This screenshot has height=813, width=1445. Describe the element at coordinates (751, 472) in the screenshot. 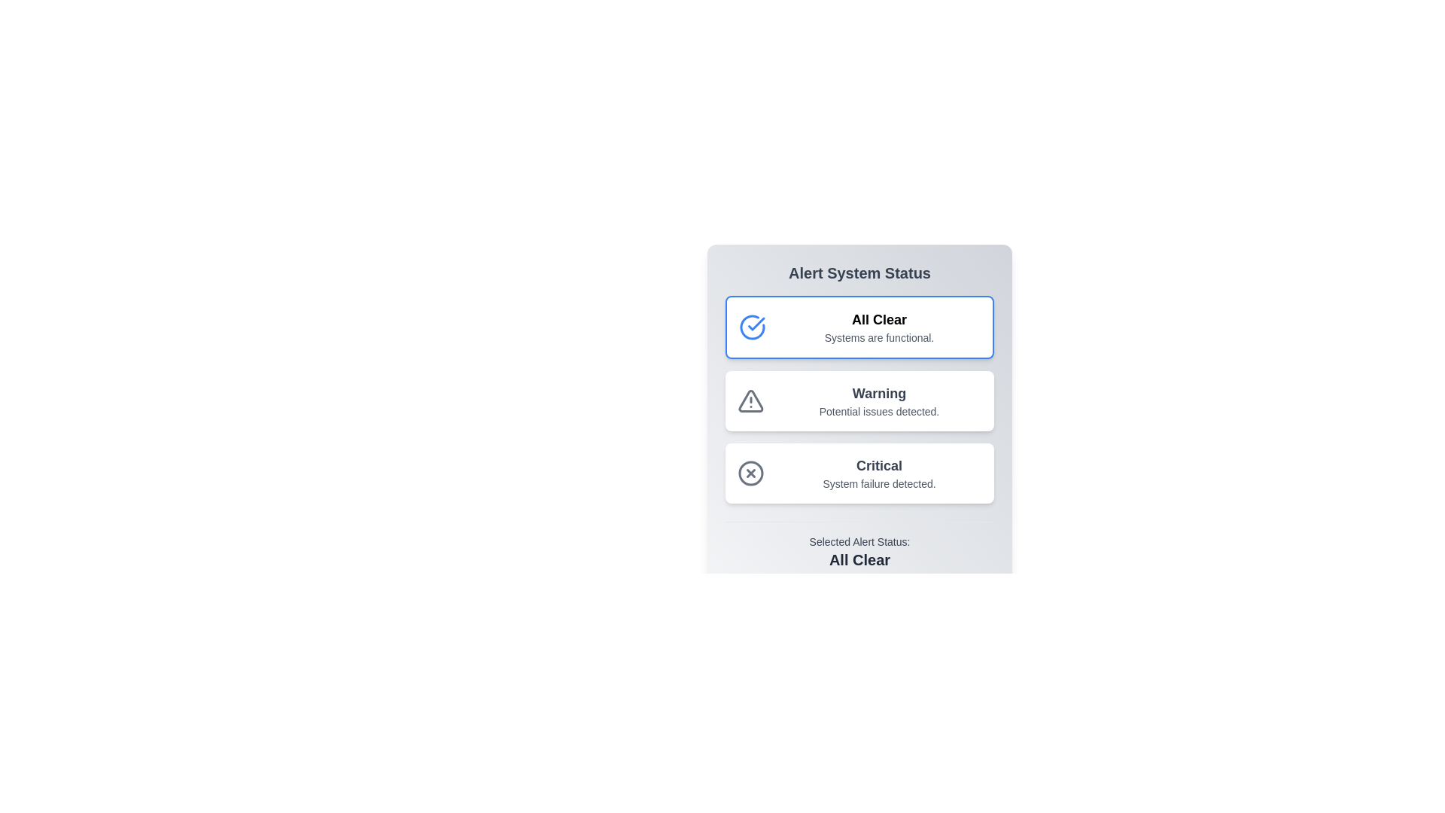

I see `the SVG circle element that serves as the outer circular outline for the 'Critical' alert icon in the 'Alert System Status' panel` at that location.